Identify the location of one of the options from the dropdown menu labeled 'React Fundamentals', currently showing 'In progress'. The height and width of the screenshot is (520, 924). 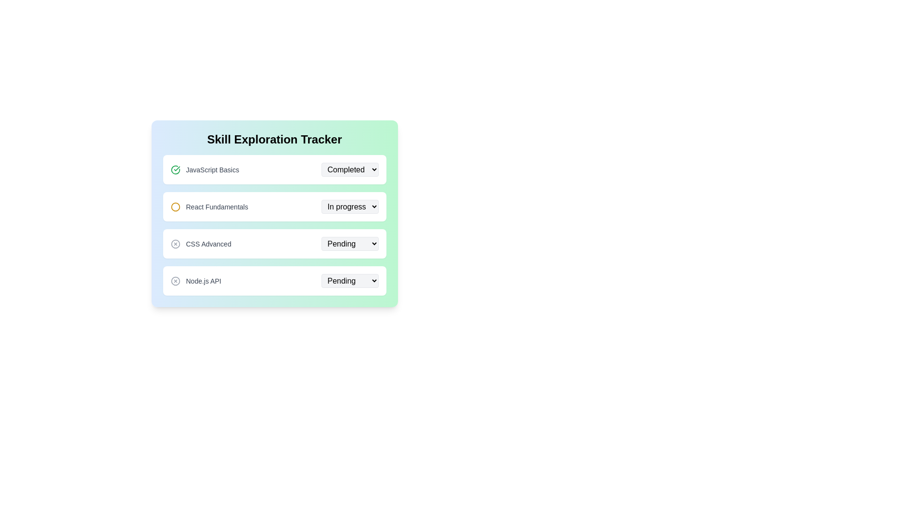
(349, 206).